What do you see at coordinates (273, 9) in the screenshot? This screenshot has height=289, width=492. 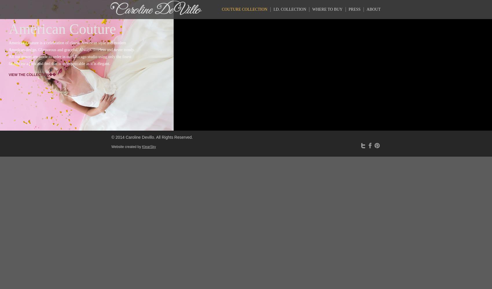 I see `'I.D. Collection'` at bounding box center [273, 9].